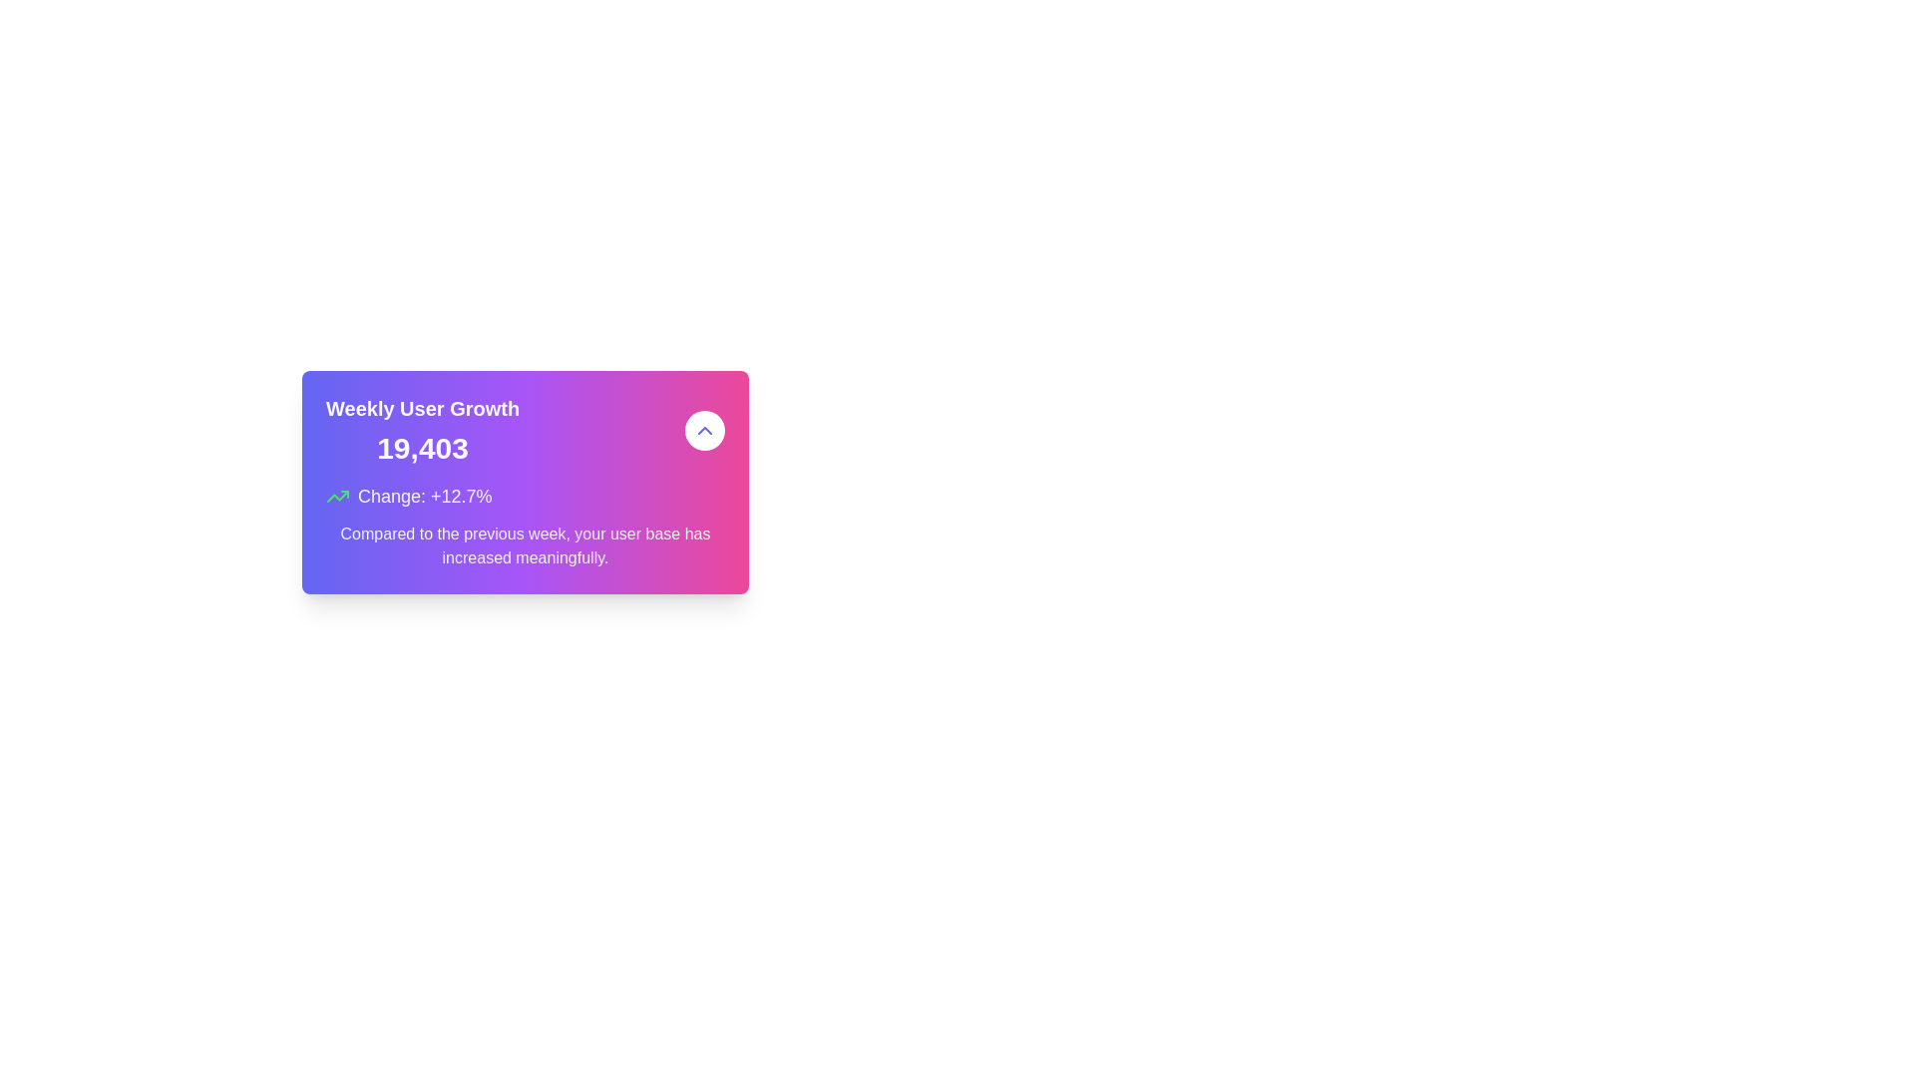 The image size is (1915, 1077). What do you see at coordinates (424, 495) in the screenshot?
I see `the Text Label that displays 'Change: +12.7%' in bold white font, located centrally within the card above the descriptive text` at bounding box center [424, 495].